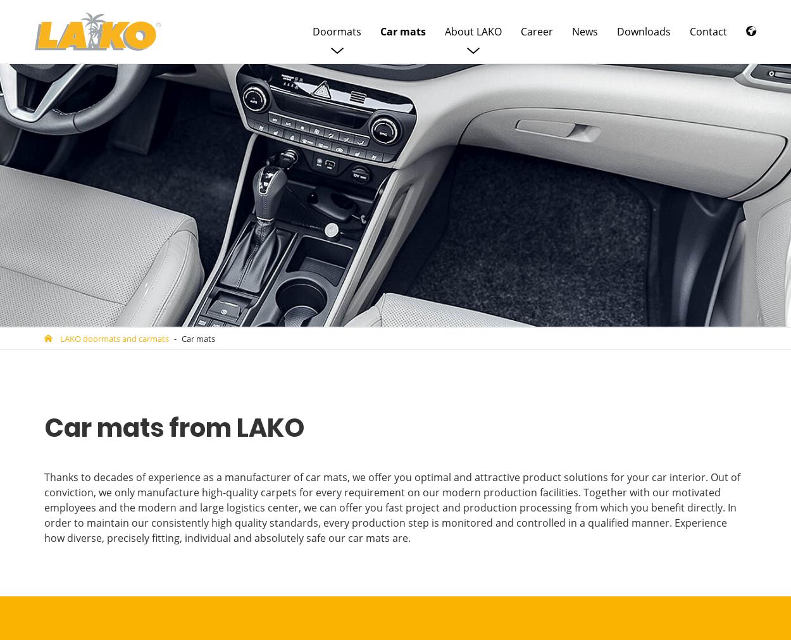 The width and height of the screenshot is (791, 640). I want to click on 'Car mats from LAKO', so click(44, 427).